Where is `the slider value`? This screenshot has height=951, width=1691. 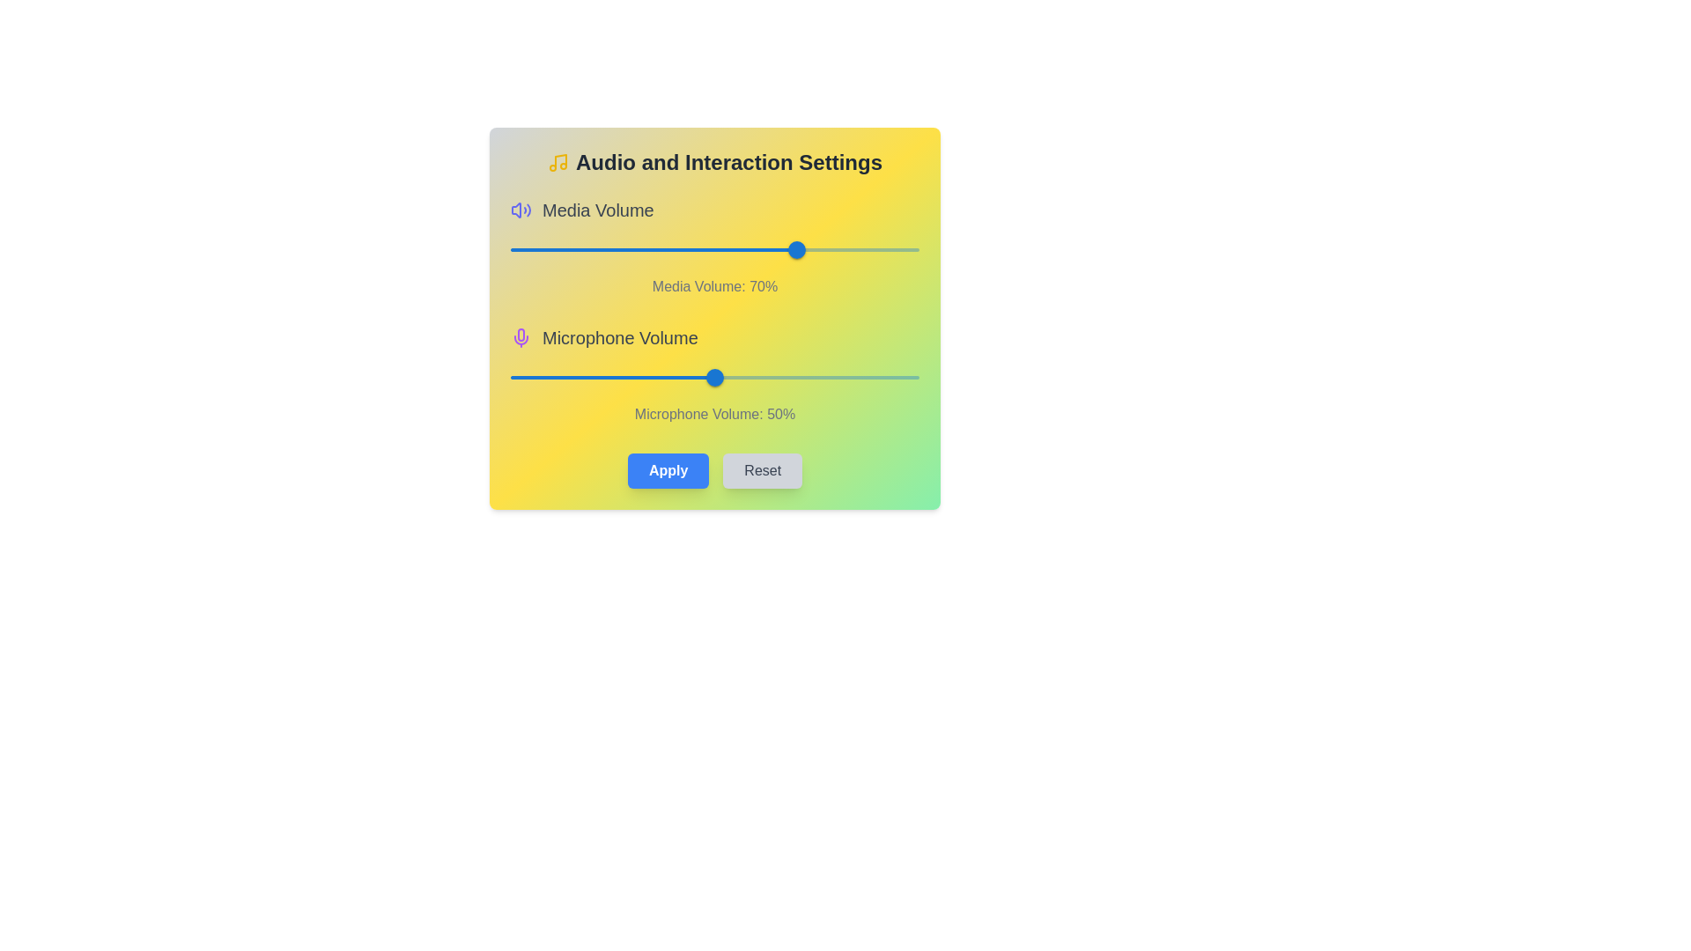
the slider value is located at coordinates (510, 250).